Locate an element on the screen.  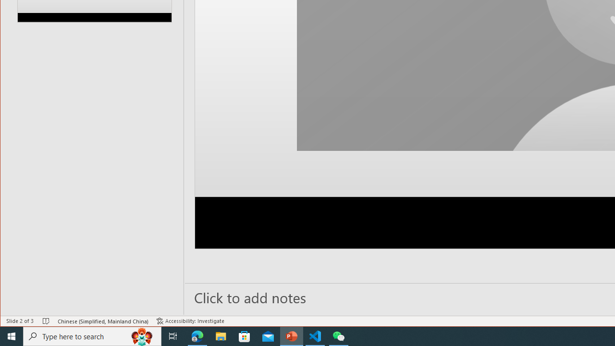
'Start' is located at coordinates (12, 335).